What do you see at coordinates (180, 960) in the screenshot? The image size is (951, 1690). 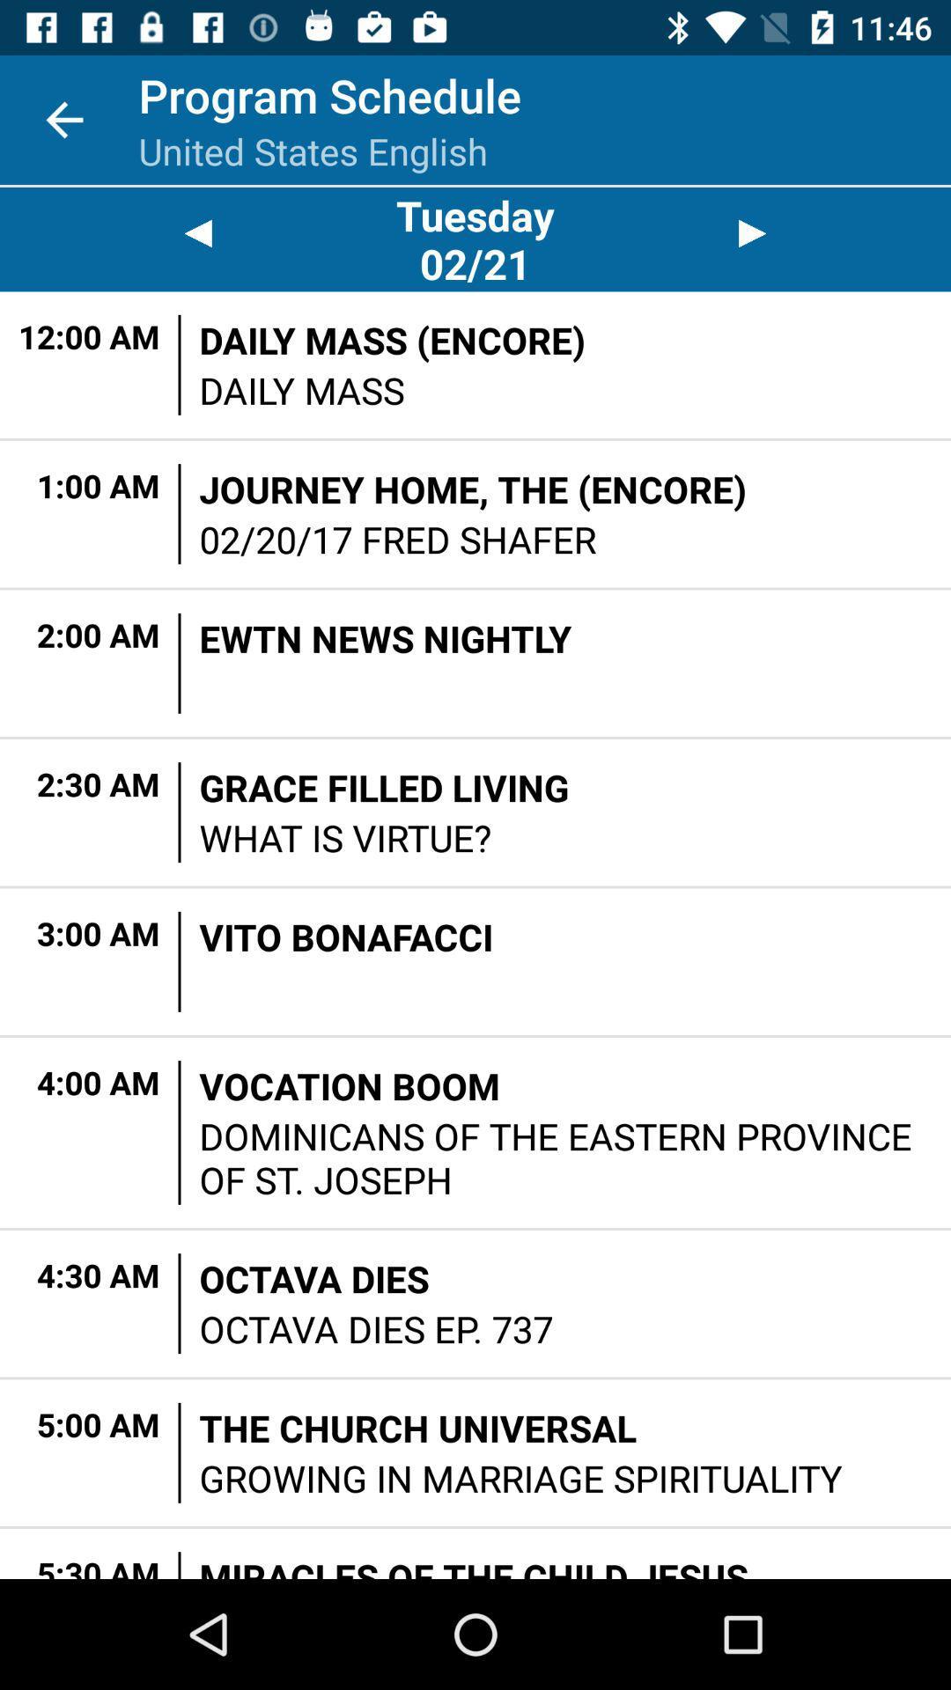 I see `item to the left of vito bonafacci item` at bounding box center [180, 960].